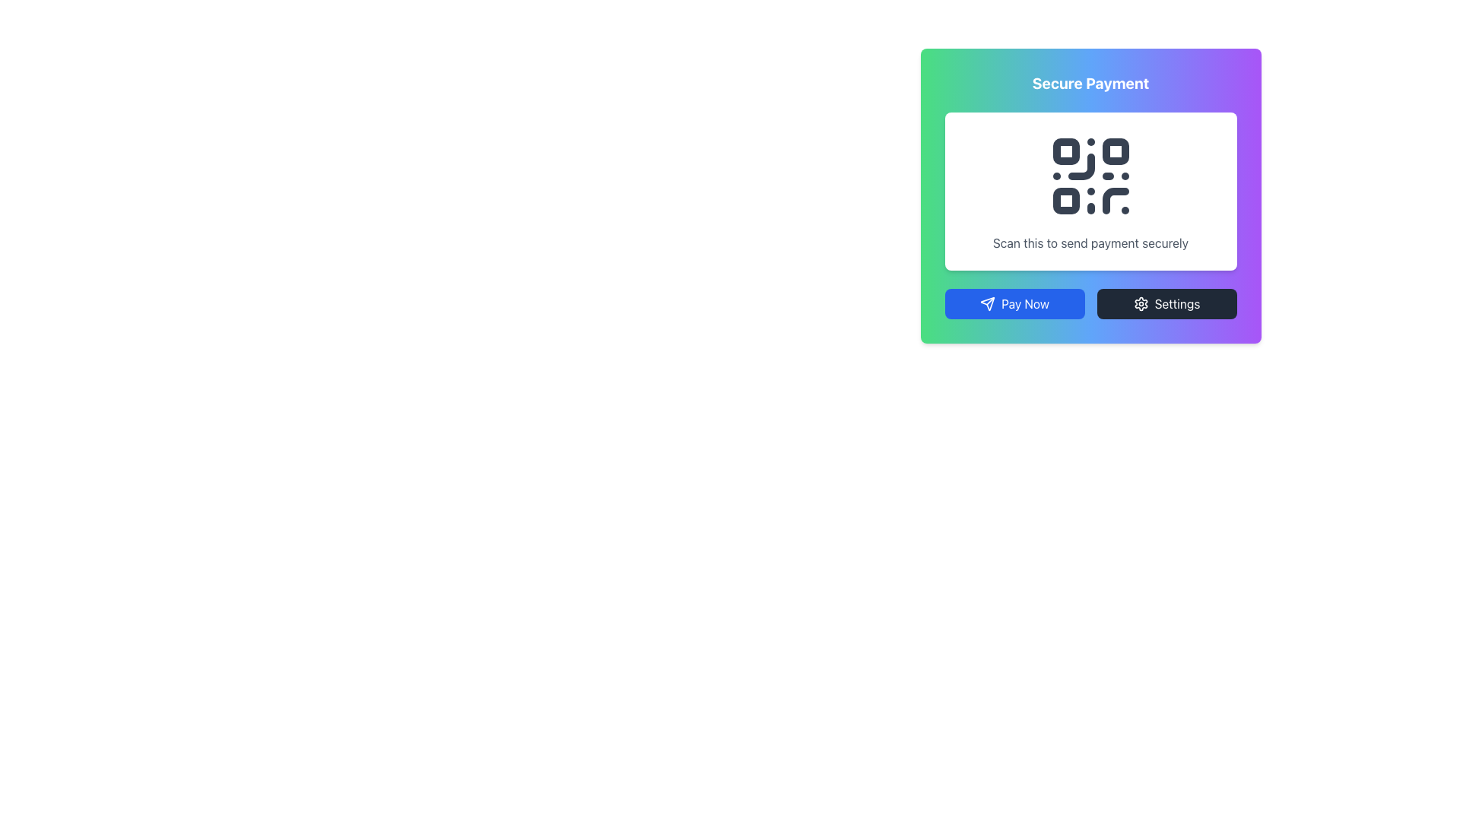 This screenshot has width=1460, height=821. What do you see at coordinates (1014, 304) in the screenshot?
I see `the 'Pay Now' button, which has a bright blue background and rounded corners, to initiate payment` at bounding box center [1014, 304].